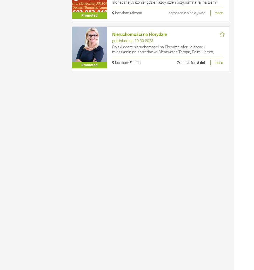 This screenshot has width=254, height=270. I want to click on 'active for:', so click(188, 62).